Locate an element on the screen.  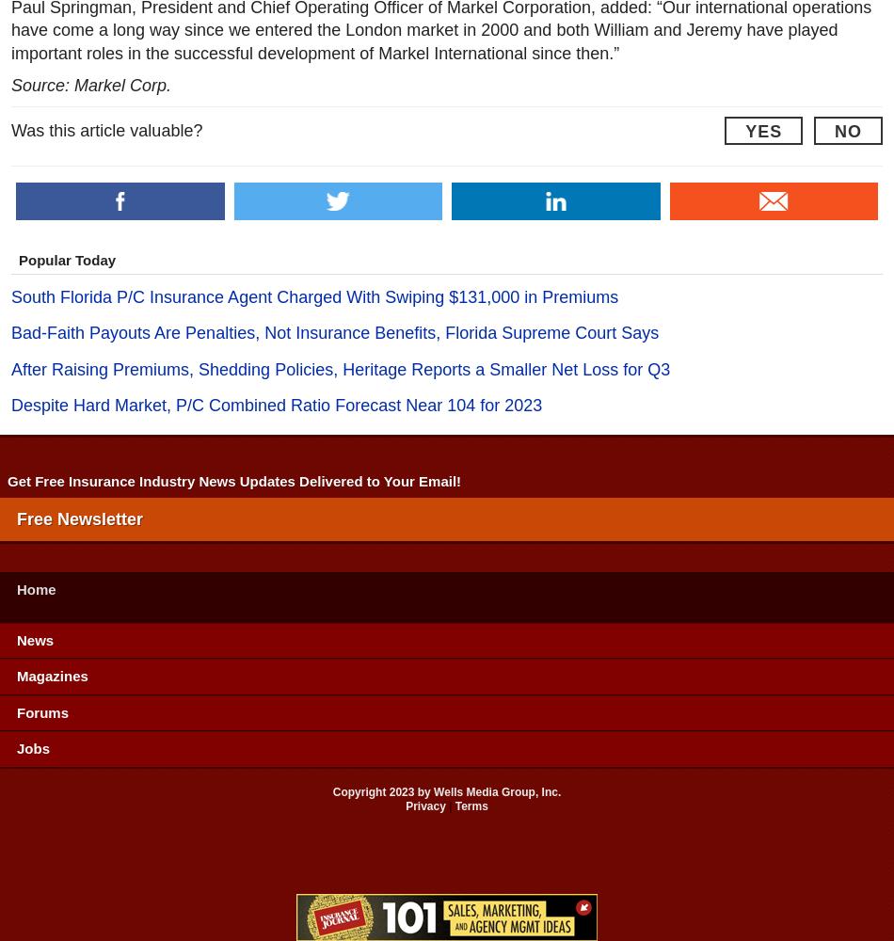
'Was this article valuable?' is located at coordinates (10, 130).